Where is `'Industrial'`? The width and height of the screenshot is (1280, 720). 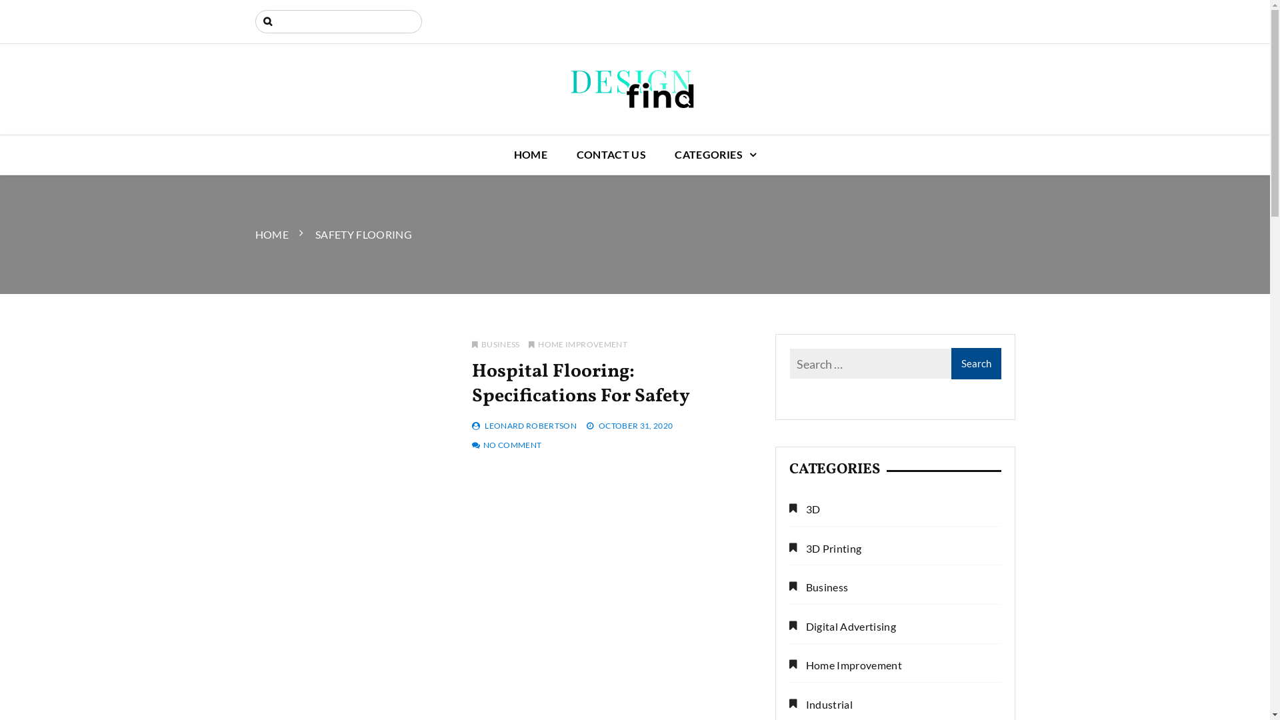
'Industrial' is located at coordinates (821, 704).